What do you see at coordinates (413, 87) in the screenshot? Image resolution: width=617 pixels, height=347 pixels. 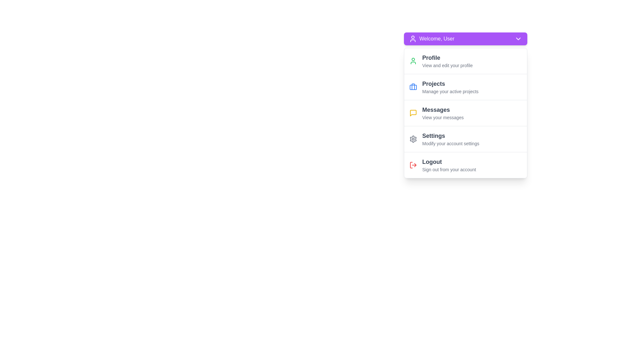 I see `the Vector graphic component within the 'Projects' menu item icon, which is part of the dropdown menu` at bounding box center [413, 87].